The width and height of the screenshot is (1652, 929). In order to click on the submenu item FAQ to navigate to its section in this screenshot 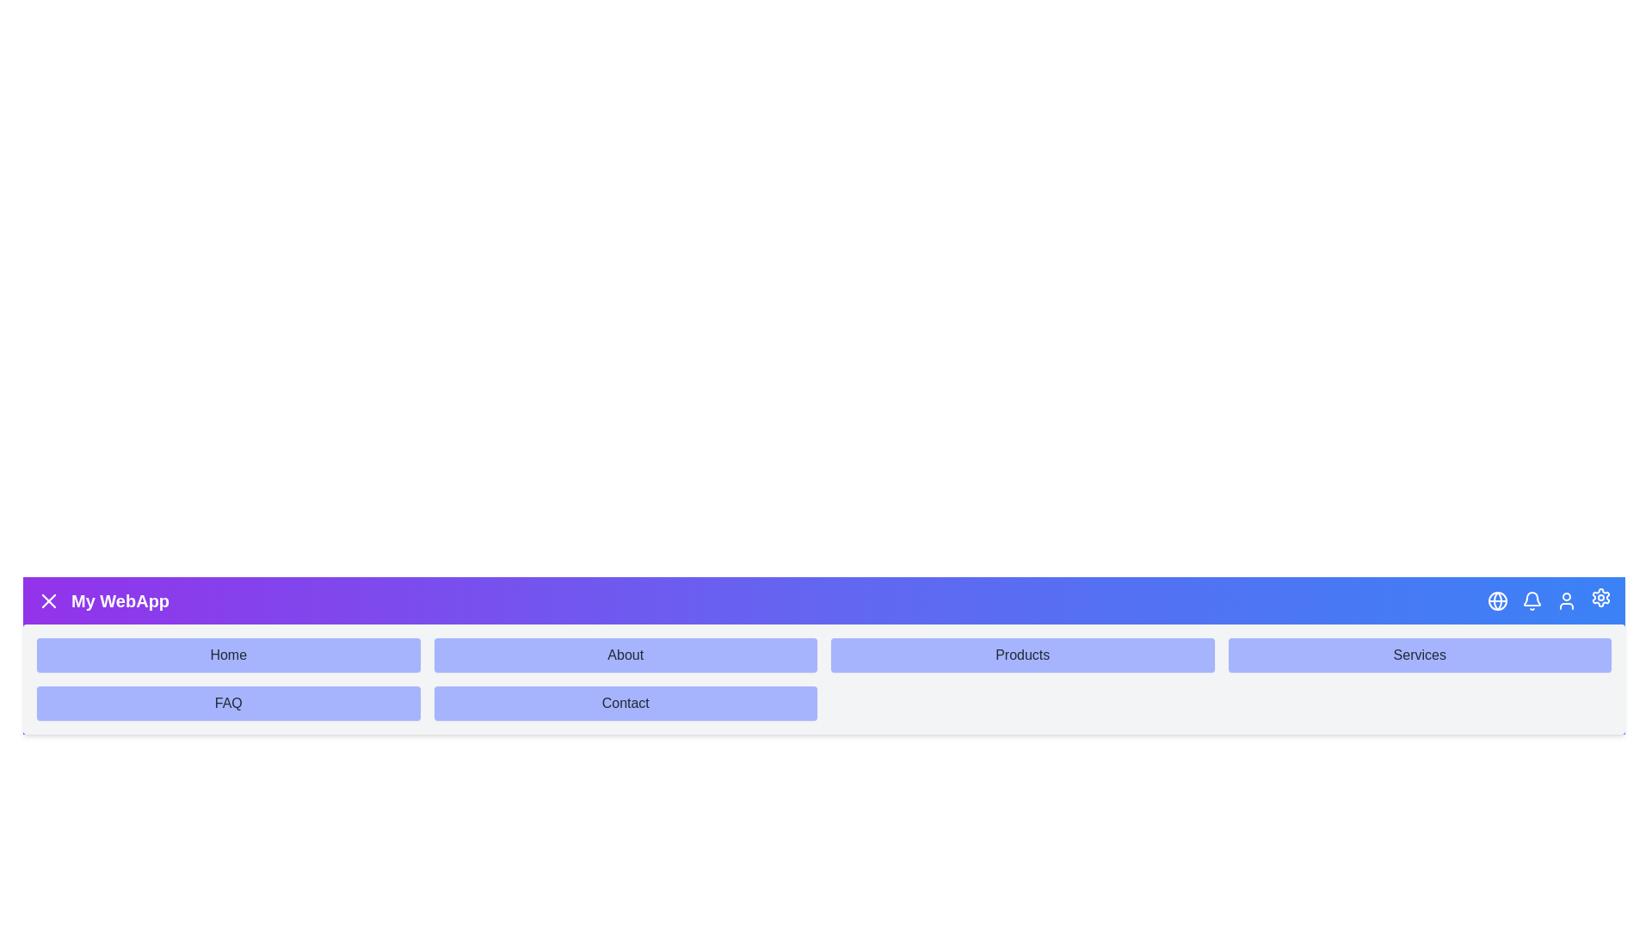, I will do `click(227, 703)`.